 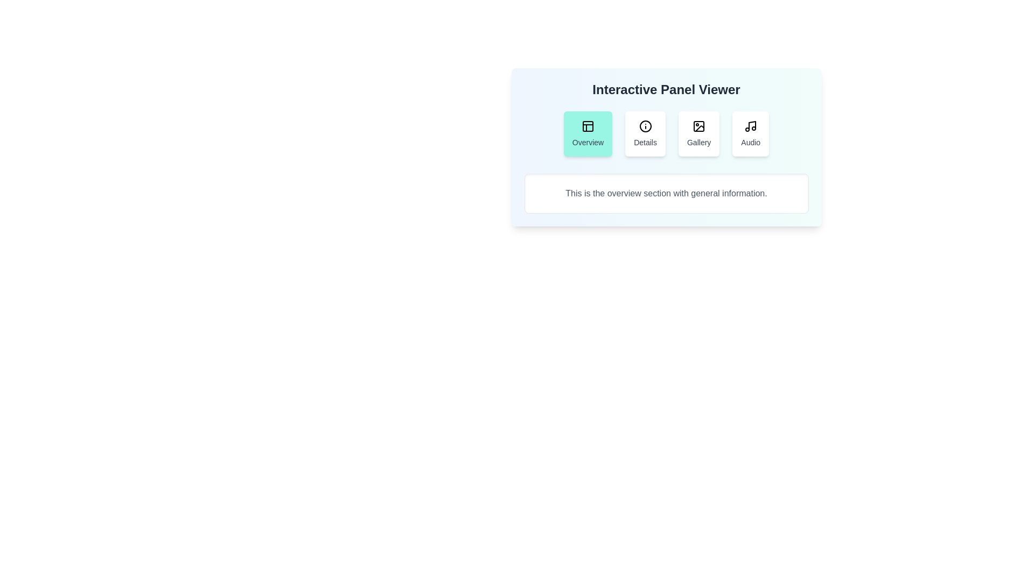 I want to click on the circular outline representing the 'info' icon, located in the top section of the interface as the second icon from the left in the 'Details' row, so click(x=645, y=126).